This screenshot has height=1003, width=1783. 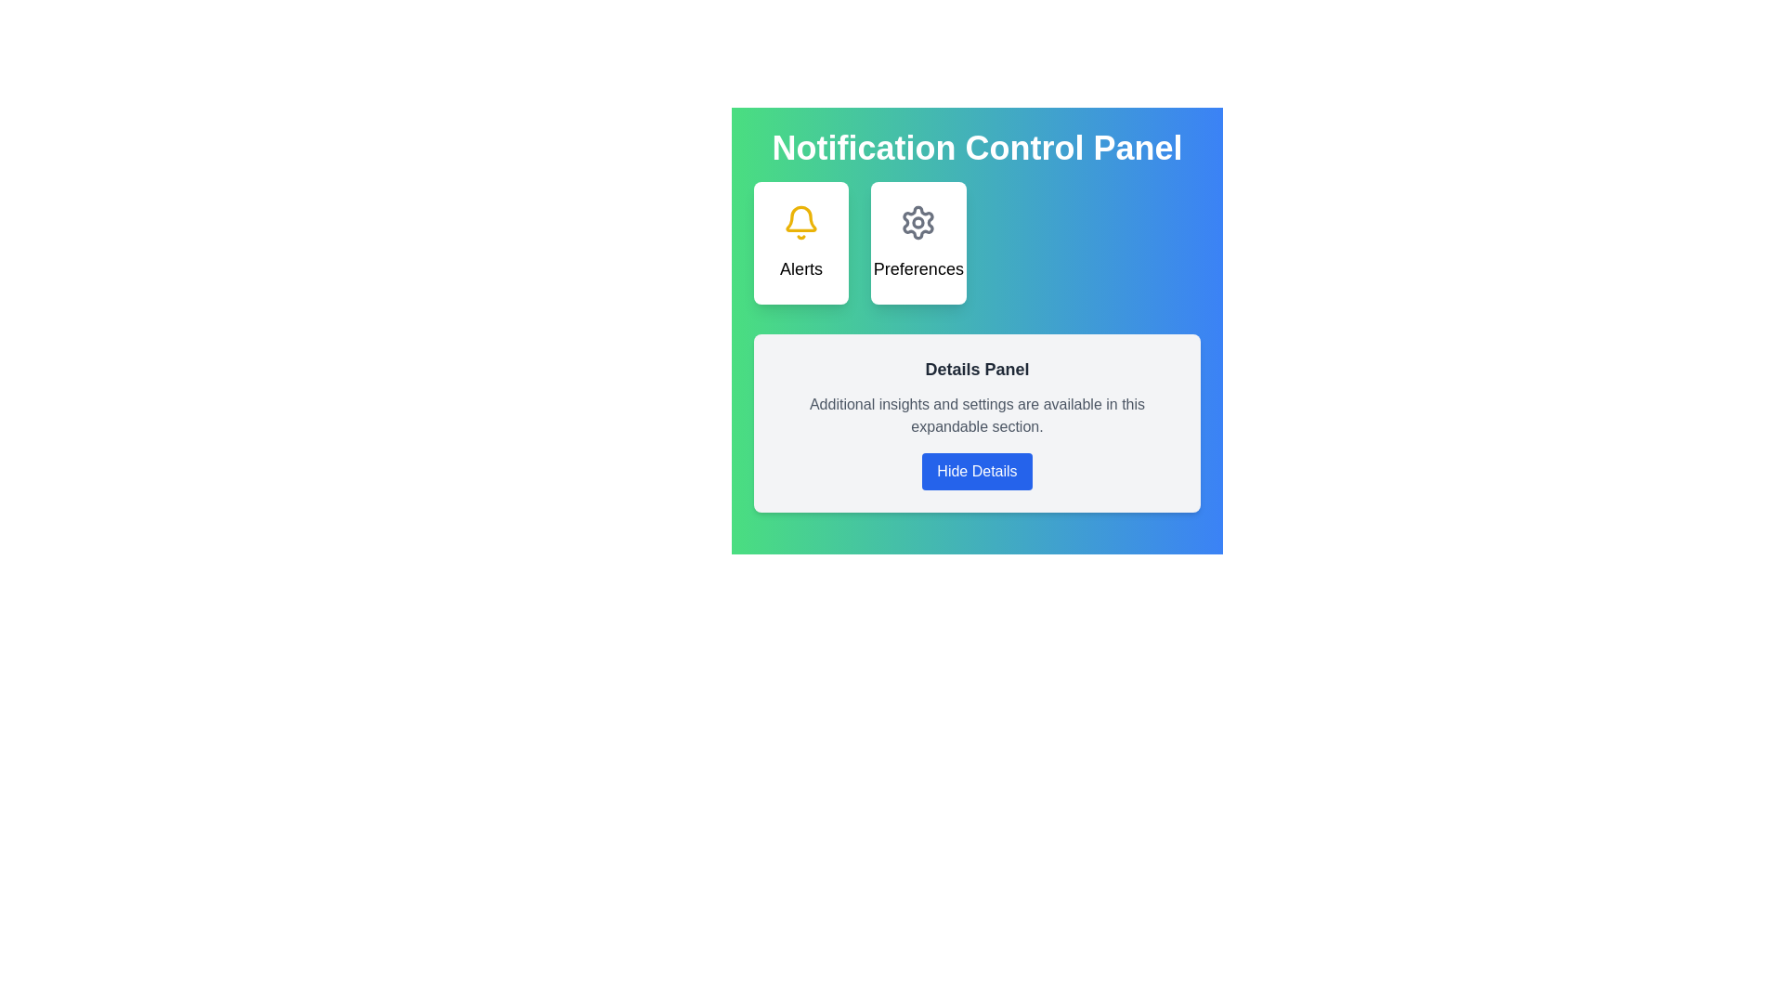 I want to click on the 'Hide Details' button, which is a blue rectangular button with rounded corners located at the bottom of the 'Details Panel' section, so click(x=976, y=471).